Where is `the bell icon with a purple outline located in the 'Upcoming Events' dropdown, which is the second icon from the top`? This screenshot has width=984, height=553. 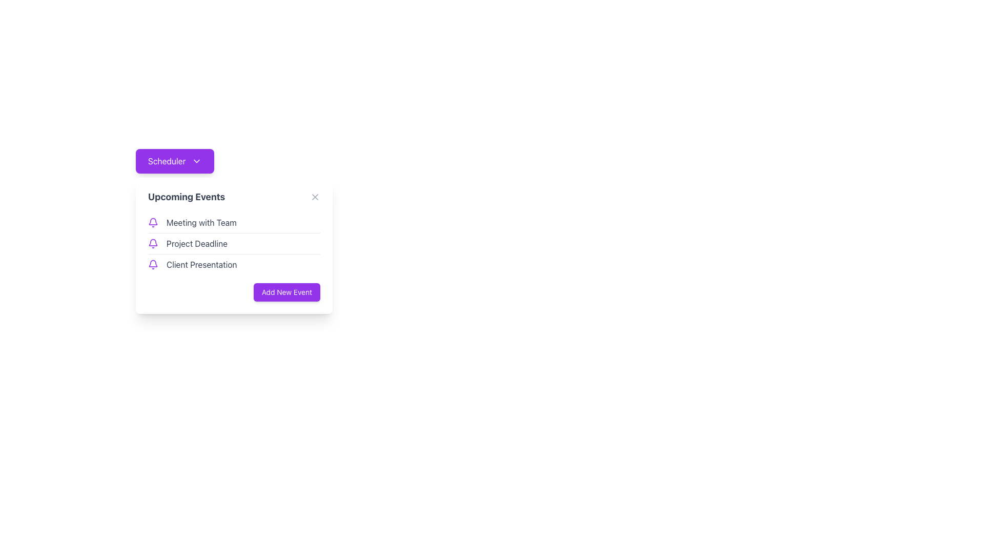
the bell icon with a purple outline located in the 'Upcoming Events' dropdown, which is the second icon from the top is located at coordinates (152, 263).